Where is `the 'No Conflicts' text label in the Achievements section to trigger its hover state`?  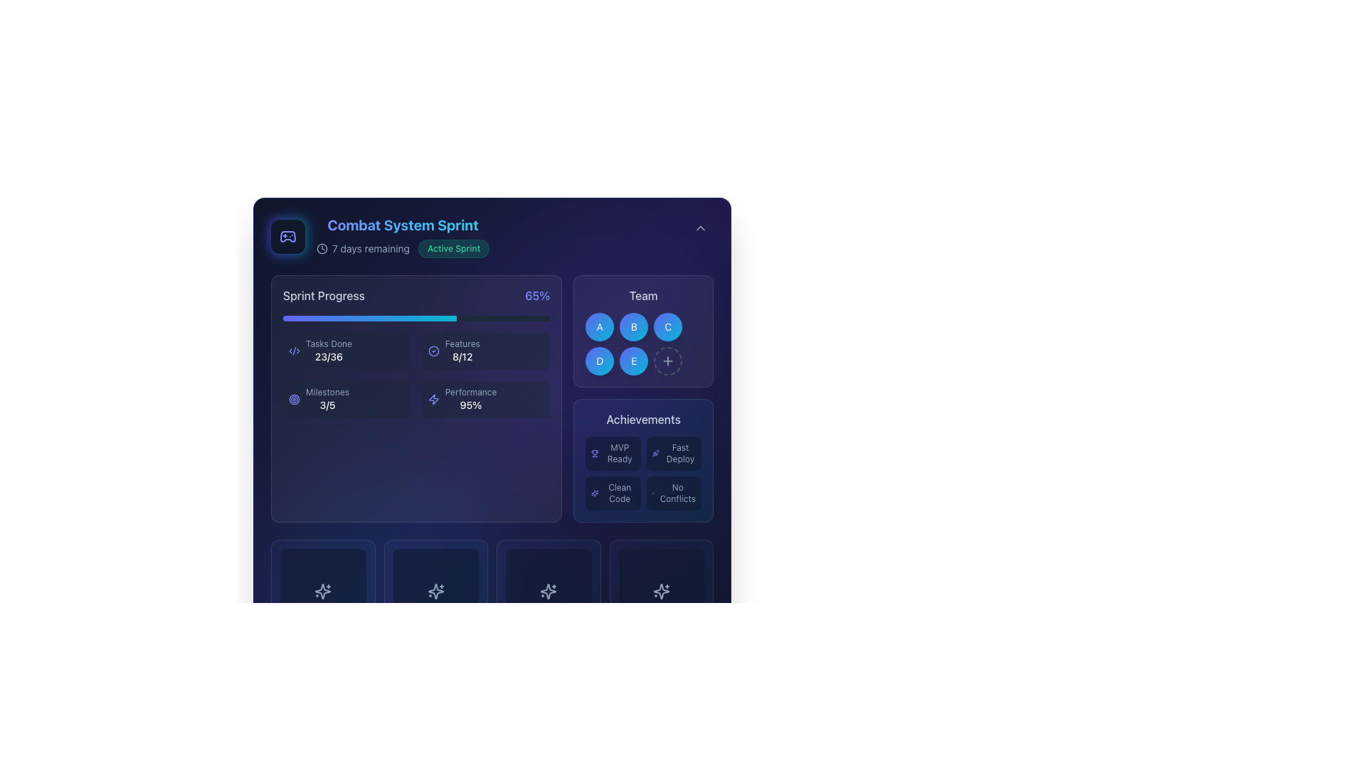
the 'No Conflicts' text label in the Achievements section to trigger its hover state is located at coordinates (677, 493).